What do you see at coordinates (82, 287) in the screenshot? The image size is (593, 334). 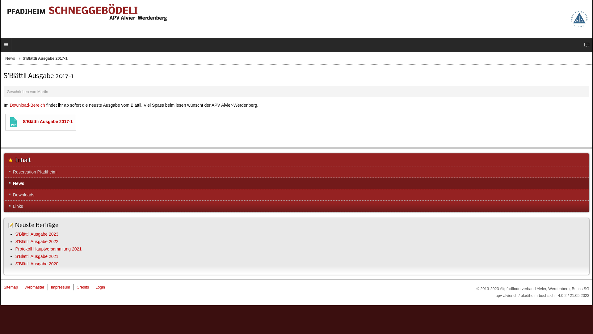 I see `'Credits'` at bounding box center [82, 287].